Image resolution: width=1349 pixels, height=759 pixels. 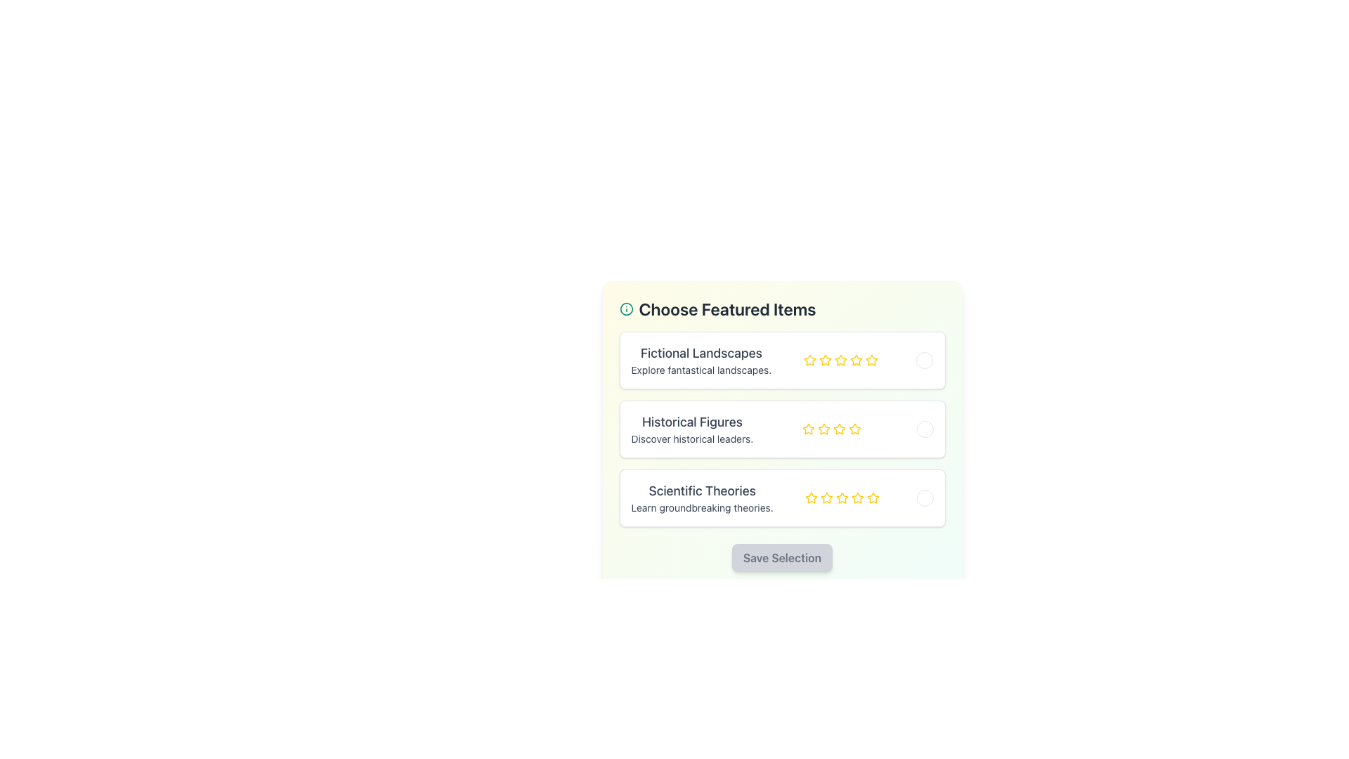 What do you see at coordinates (925, 498) in the screenshot?
I see `the radio button located at the far right of the 'Scientific Theories' section` at bounding box center [925, 498].